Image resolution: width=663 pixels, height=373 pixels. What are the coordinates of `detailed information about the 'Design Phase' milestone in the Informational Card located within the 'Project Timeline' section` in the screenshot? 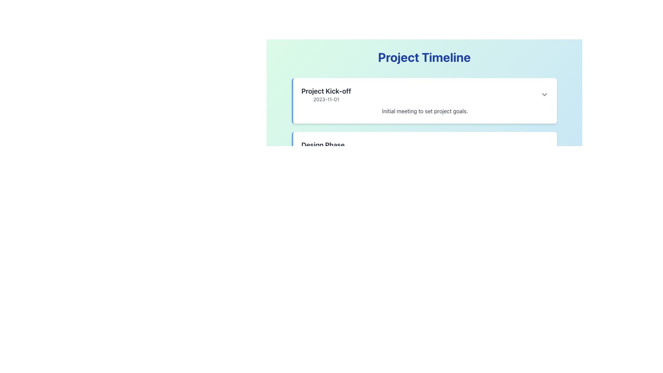 It's located at (424, 148).